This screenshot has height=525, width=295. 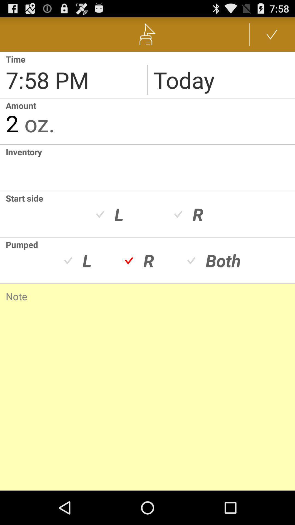 What do you see at coordinates (3, 167) in the screenshot?
I see `quantity` at bounding box center [3, 167].